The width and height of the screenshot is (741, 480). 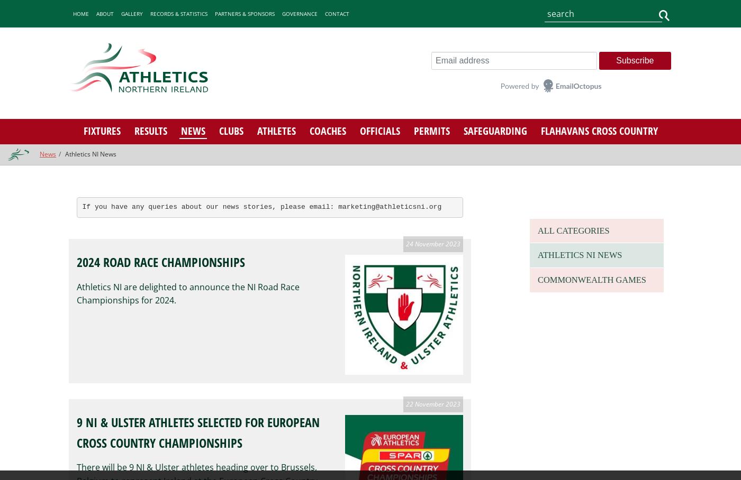 I want to click on 'records & statistics', so click(x=178, y=13).